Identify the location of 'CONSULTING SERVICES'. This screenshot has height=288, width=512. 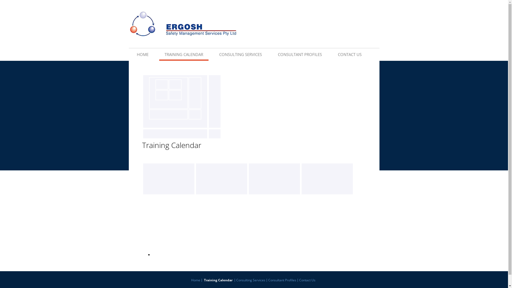
(240, 54).